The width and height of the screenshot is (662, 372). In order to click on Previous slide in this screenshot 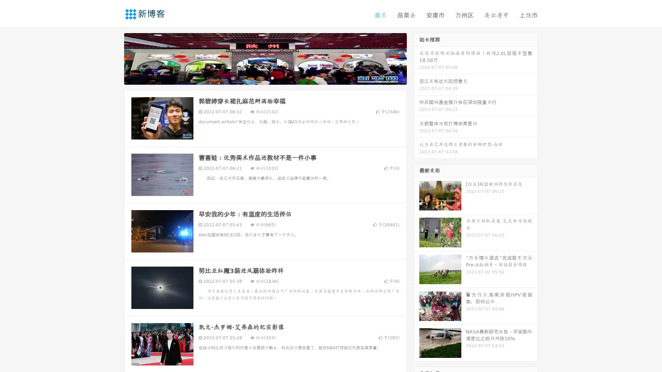, I will do `click(114, 58)`.